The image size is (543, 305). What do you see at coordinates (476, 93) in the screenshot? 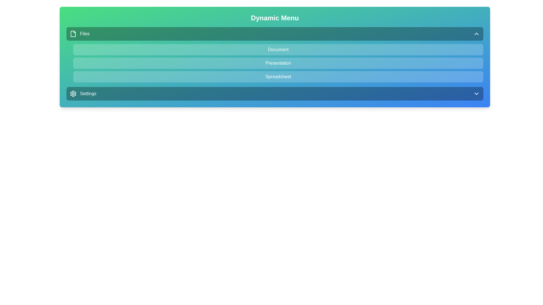
I see `the downward-pointing chevron icon in the 'Settings' section` at bounding box center [476, 93].